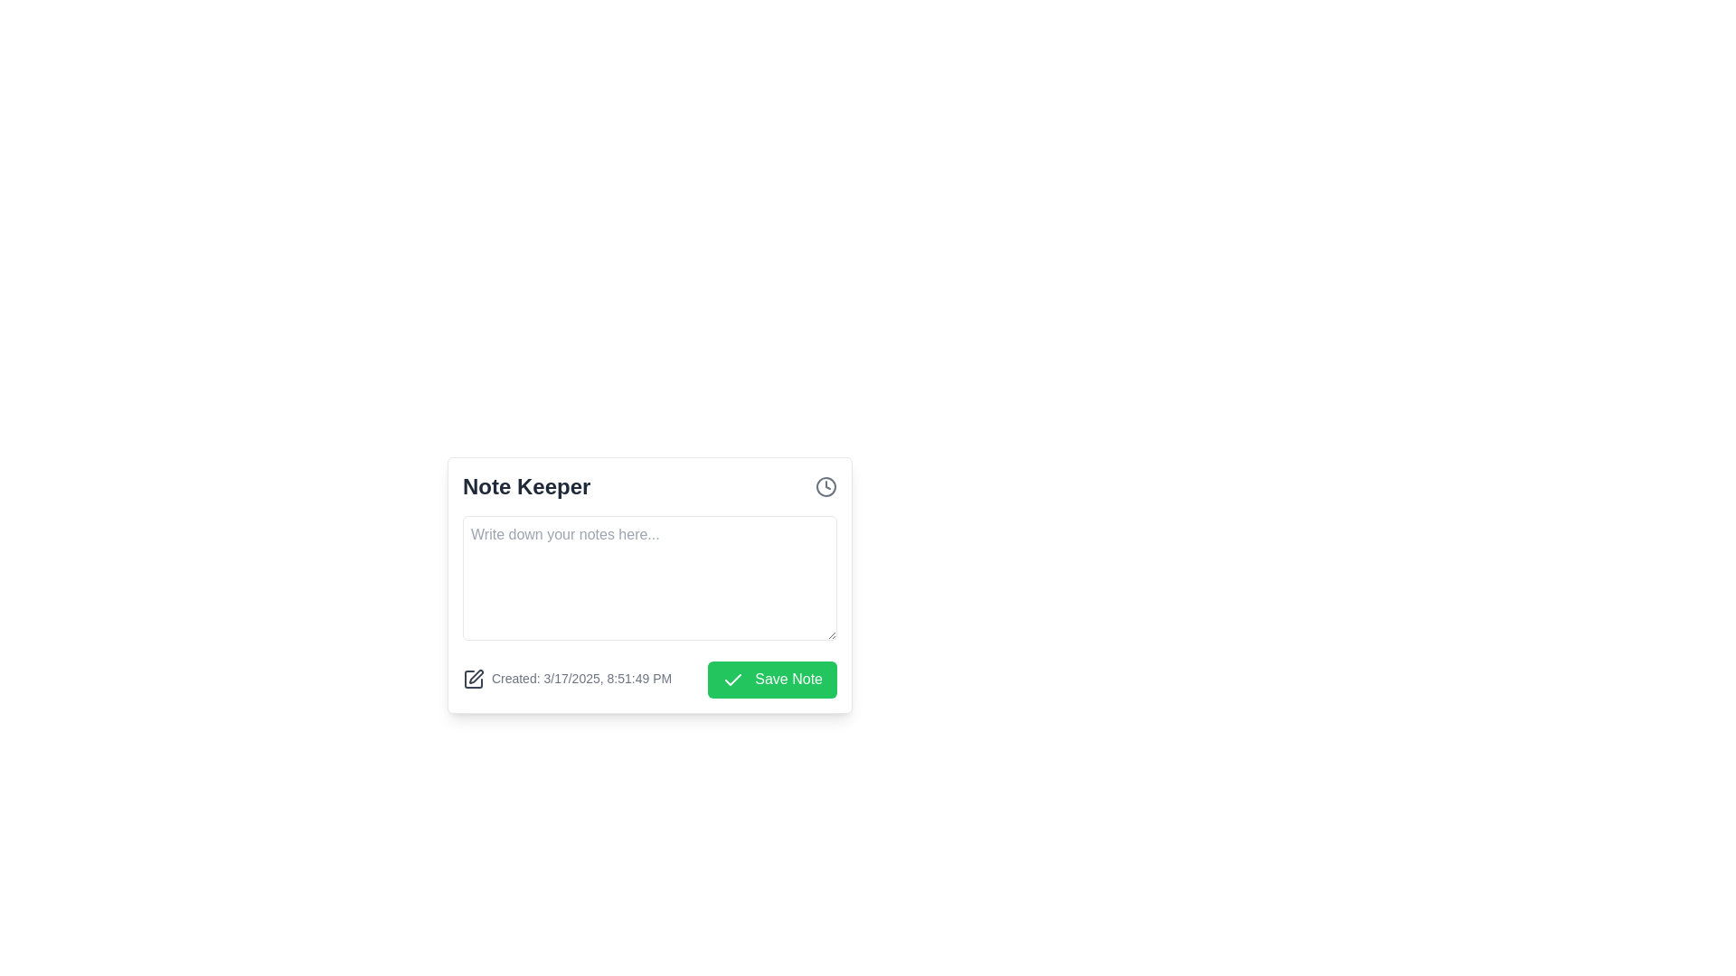 The image size is (1736, 976). I want to click on to select text in the text input field located below the title 'Note Keeper', so click(650, 578).